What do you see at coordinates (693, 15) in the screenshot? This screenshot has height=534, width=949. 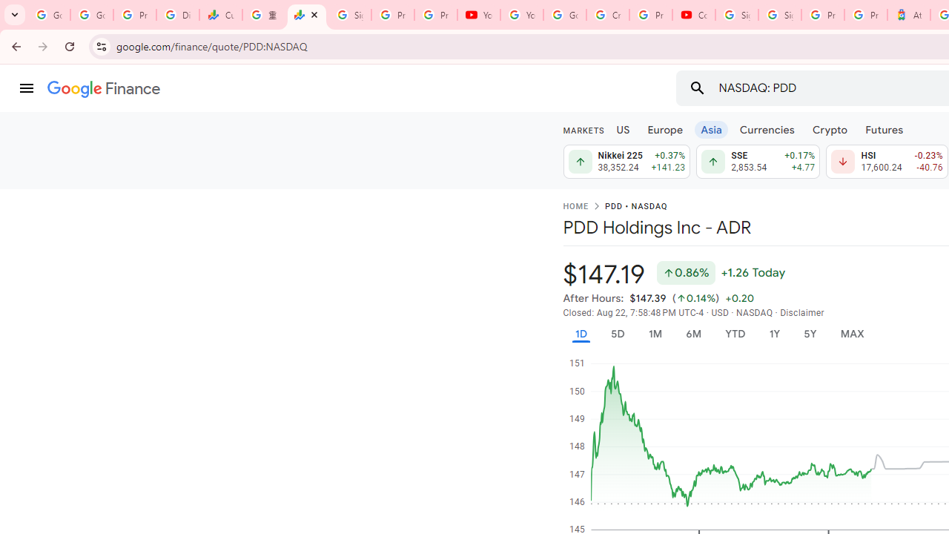 I see `'Content Creator Programs & Opportunities - YouTube Creators'` at bounding box center [693, 15].